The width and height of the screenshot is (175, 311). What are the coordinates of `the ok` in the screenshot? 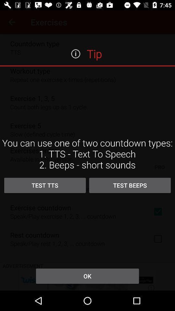 It's located at (87, 276).